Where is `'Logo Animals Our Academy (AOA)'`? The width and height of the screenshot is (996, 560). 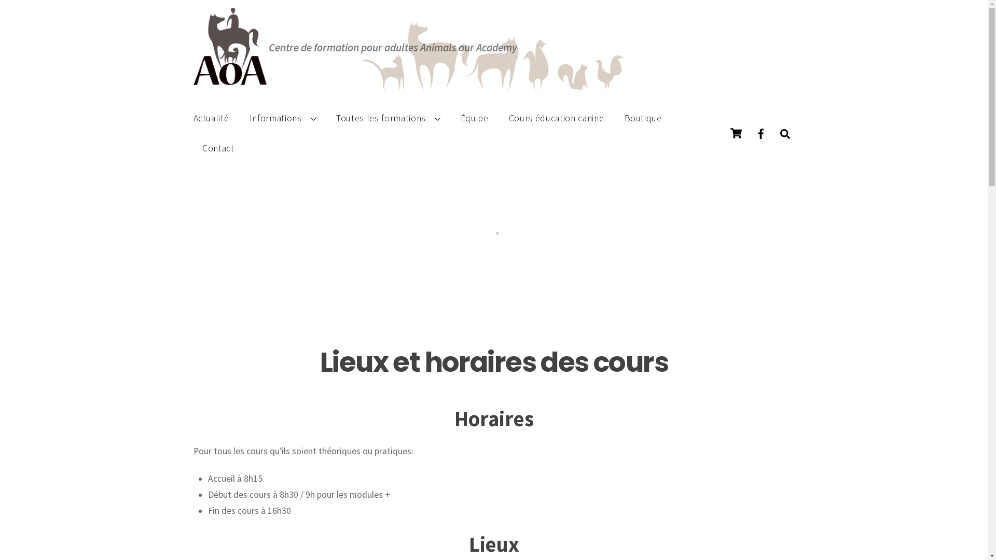
'Logo Animals Our Academy (AOA)' is located at coordinates (193, 45).